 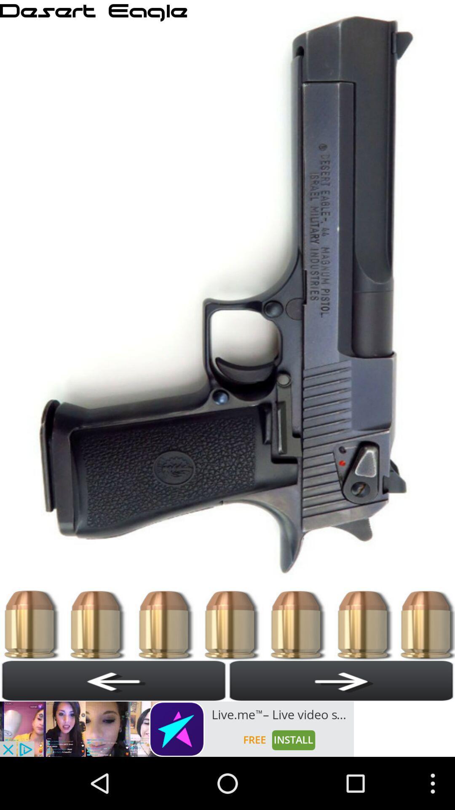 I want to click on next page, so click(x=341, y=680).